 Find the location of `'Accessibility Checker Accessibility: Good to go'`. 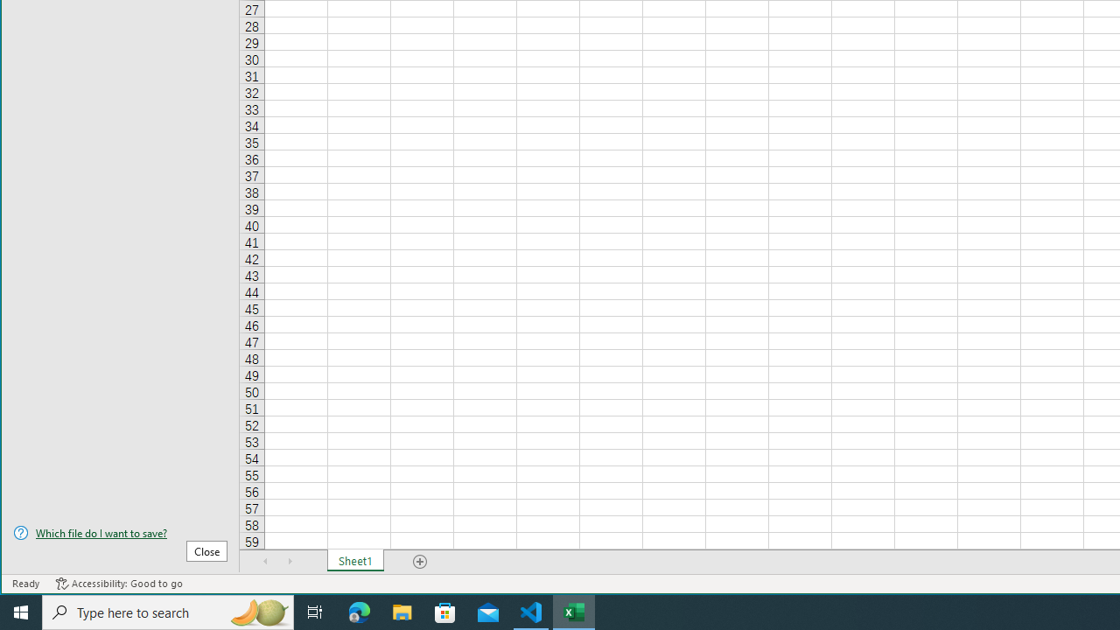

'Accessibility Checker Accessibility: Good to go' is located at coordinates (118, 584).